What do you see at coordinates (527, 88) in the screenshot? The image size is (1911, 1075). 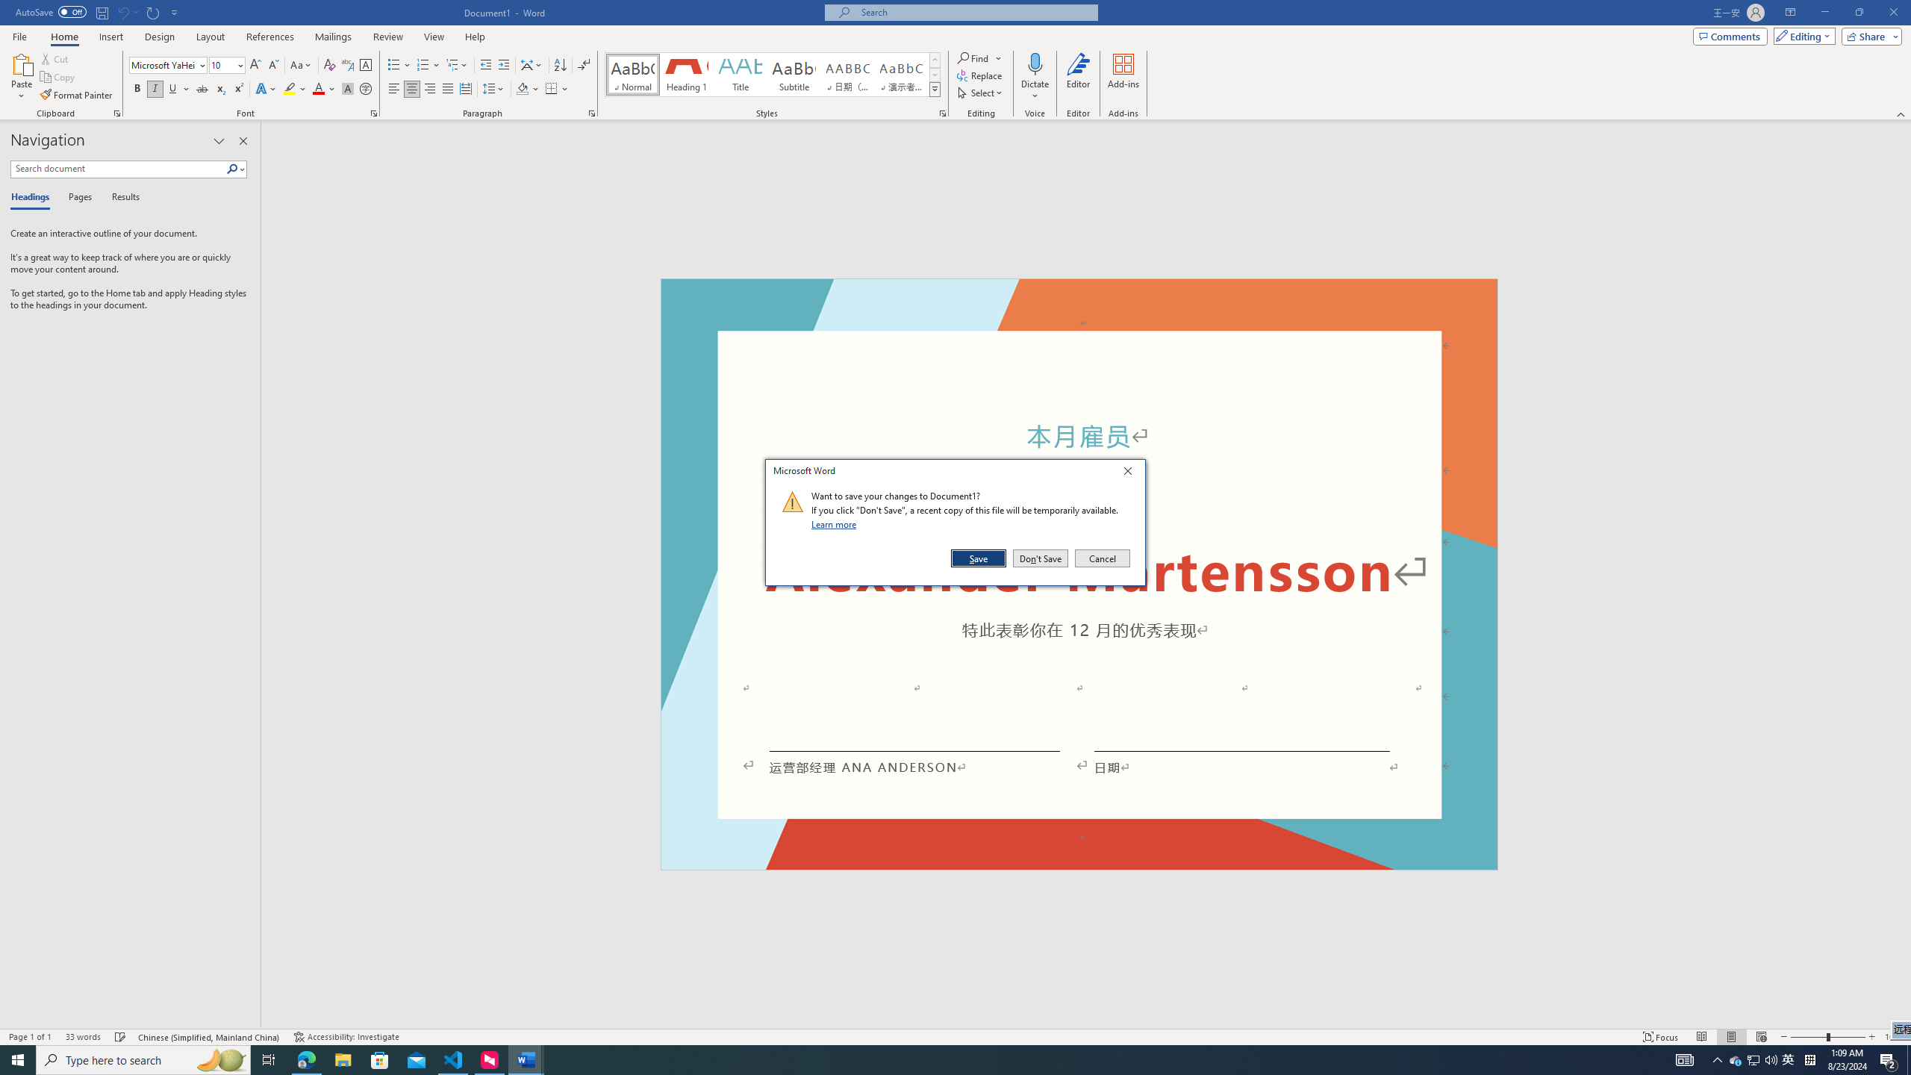 I see `'Shading'` at bounding box center [527, 88].